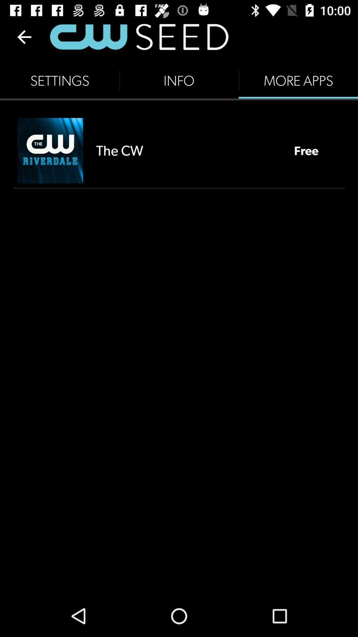 This screenshot has height=637, width=358. What do you see at coordinates (306, 150) in the screenshot?
I see `the item next to the the cw` at bounding box center [306, 150].